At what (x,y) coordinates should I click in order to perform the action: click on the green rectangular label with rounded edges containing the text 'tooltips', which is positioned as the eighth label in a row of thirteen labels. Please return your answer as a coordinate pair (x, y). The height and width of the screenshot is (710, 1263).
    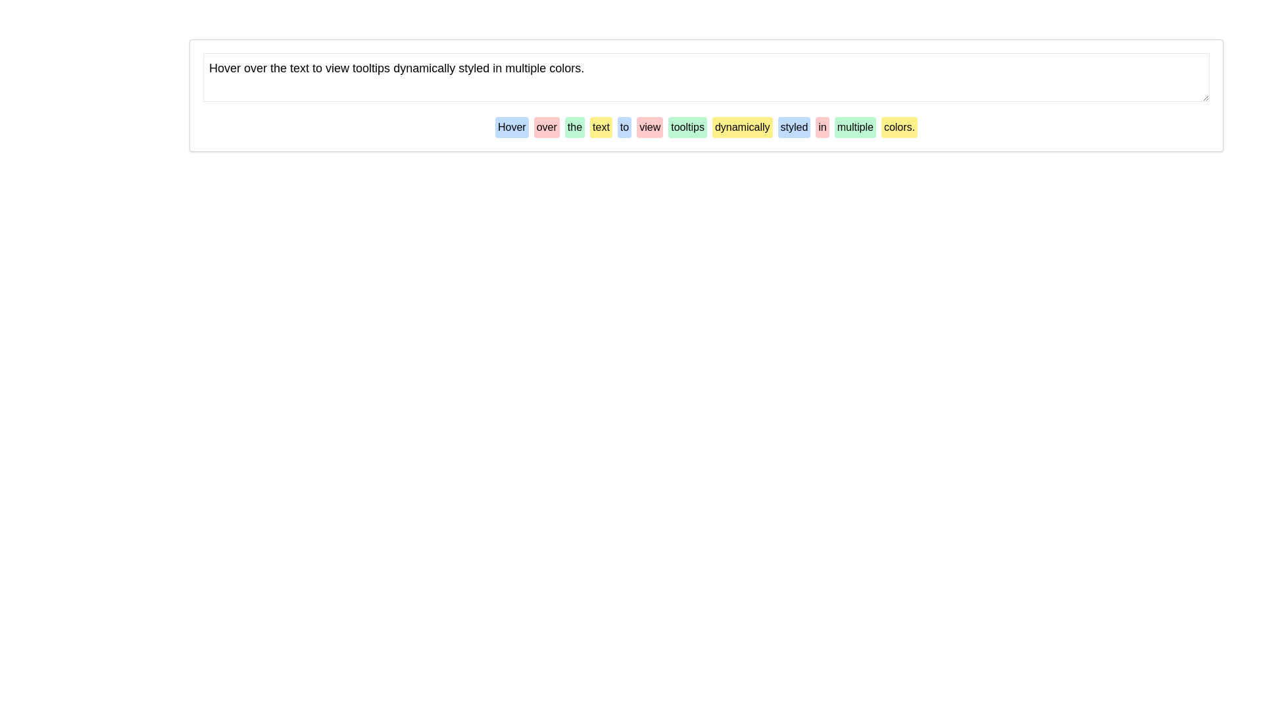
    Looking at the image, I should click on (687, 127).